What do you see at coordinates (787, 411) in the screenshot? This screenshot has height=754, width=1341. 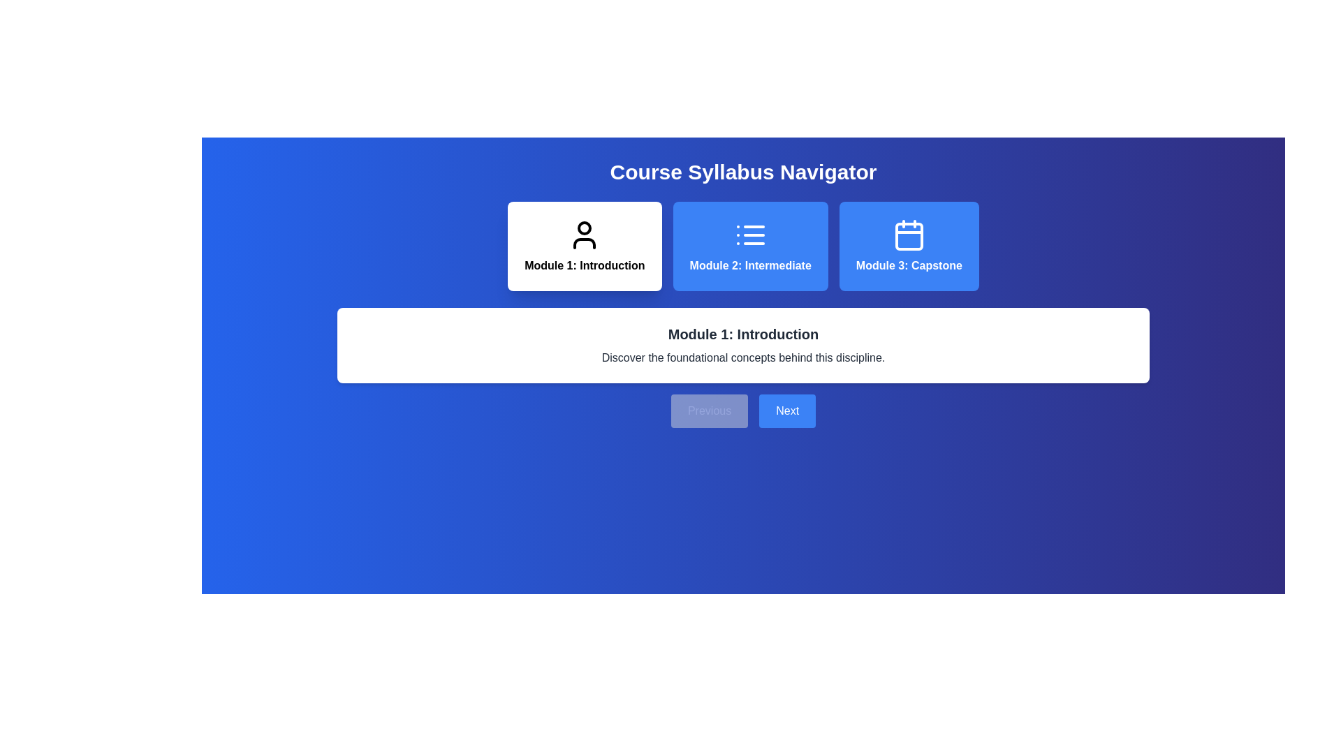 I see `the 'Next' button to navigate to the next module` at bounding box center [787, 411].